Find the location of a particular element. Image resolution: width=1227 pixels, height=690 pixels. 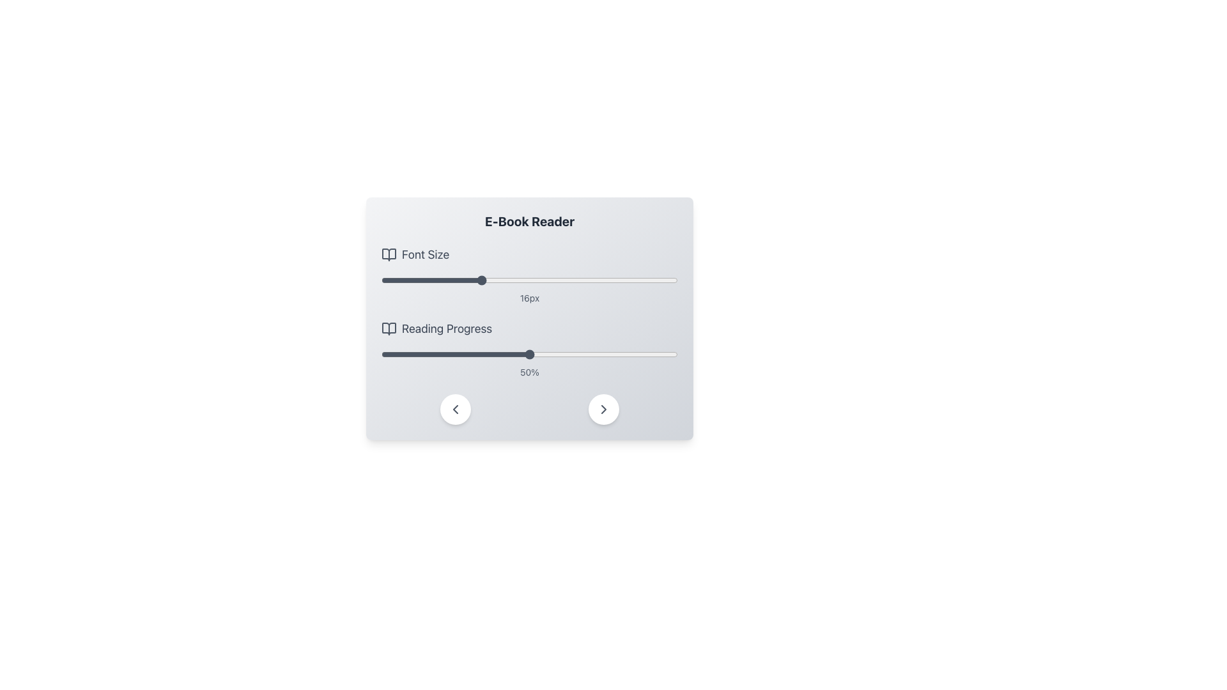

the leftward chevron icon button, which is a minimalistic arrow enclosed in a circular white background is located at coordinates (456, 409).